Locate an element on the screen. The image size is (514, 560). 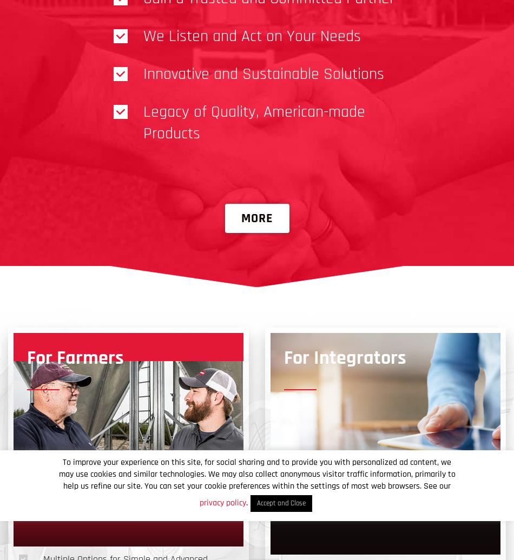
'More' is located at coordinates (240, 218).